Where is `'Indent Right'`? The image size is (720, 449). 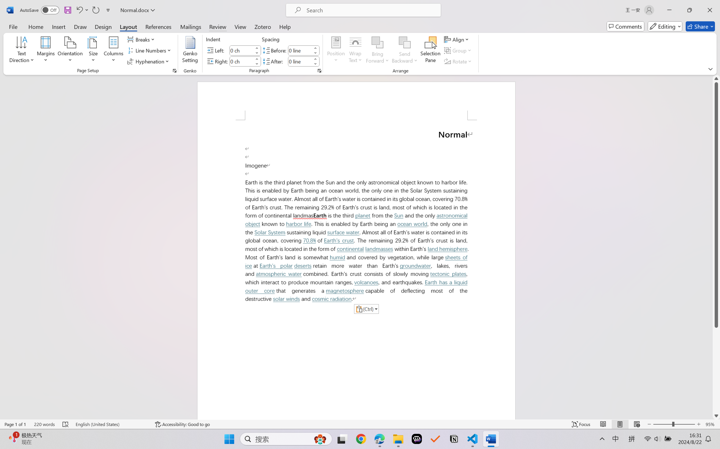 'Indent Right' is located at coordinates (241, 61).